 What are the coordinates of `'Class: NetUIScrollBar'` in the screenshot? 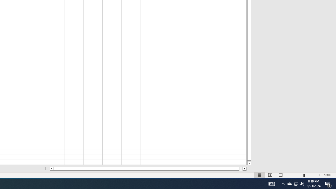 It's located at (148, 169).